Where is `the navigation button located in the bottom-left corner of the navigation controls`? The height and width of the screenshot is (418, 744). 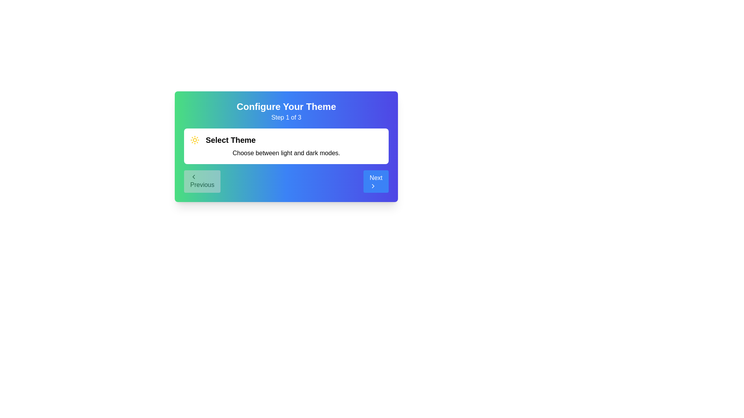 the navigation button located in the bottom-left corner of the navigation controls is located at coordinates (202, 182).